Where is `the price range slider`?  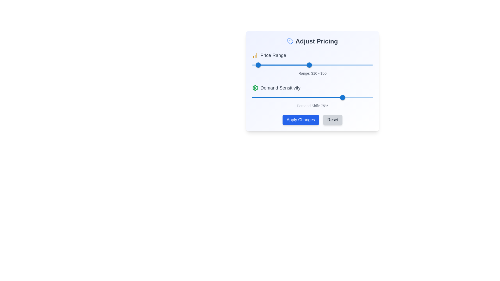 the price range slider is located at coordinates (311, 65).